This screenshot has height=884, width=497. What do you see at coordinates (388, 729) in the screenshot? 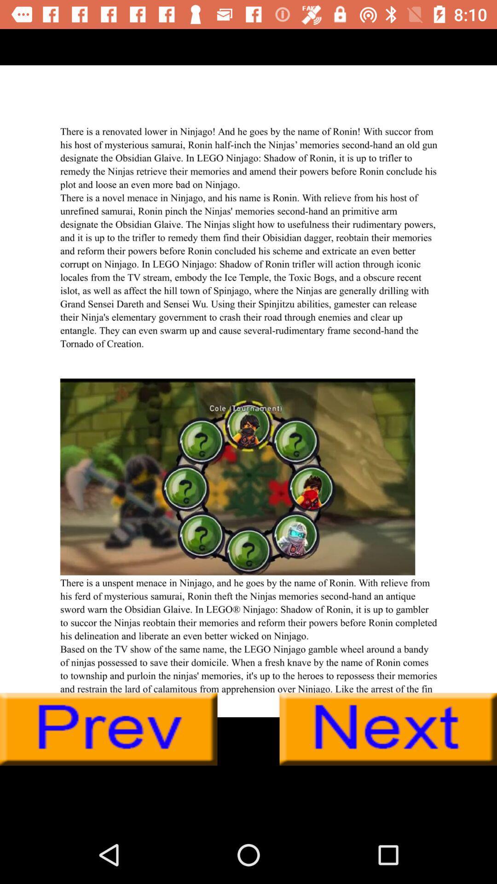
I see `this is next button` at bounding box center [388, 729].